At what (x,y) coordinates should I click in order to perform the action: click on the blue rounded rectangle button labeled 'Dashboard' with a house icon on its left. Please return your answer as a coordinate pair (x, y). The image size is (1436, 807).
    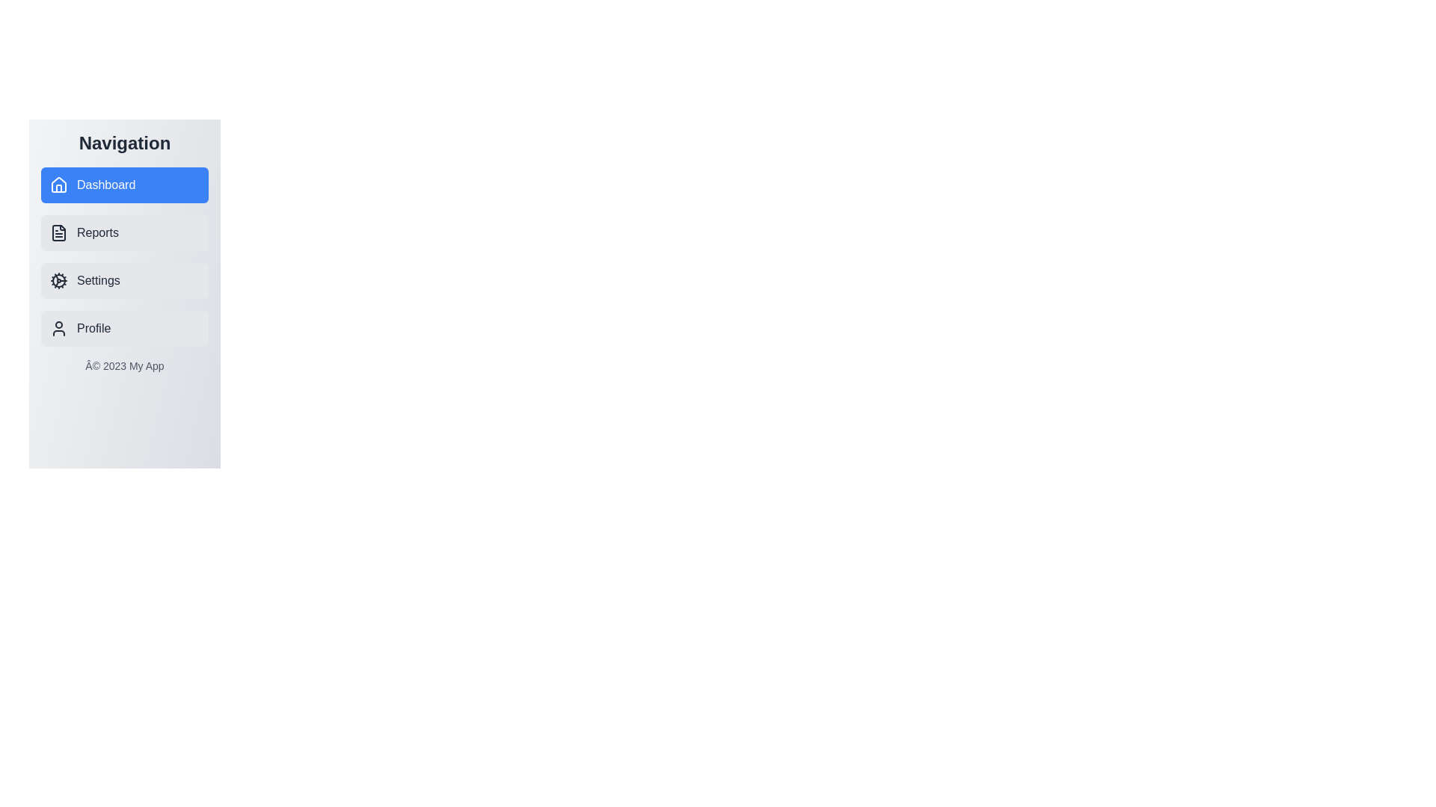
    Looking at the image, I should click on (125, 184).